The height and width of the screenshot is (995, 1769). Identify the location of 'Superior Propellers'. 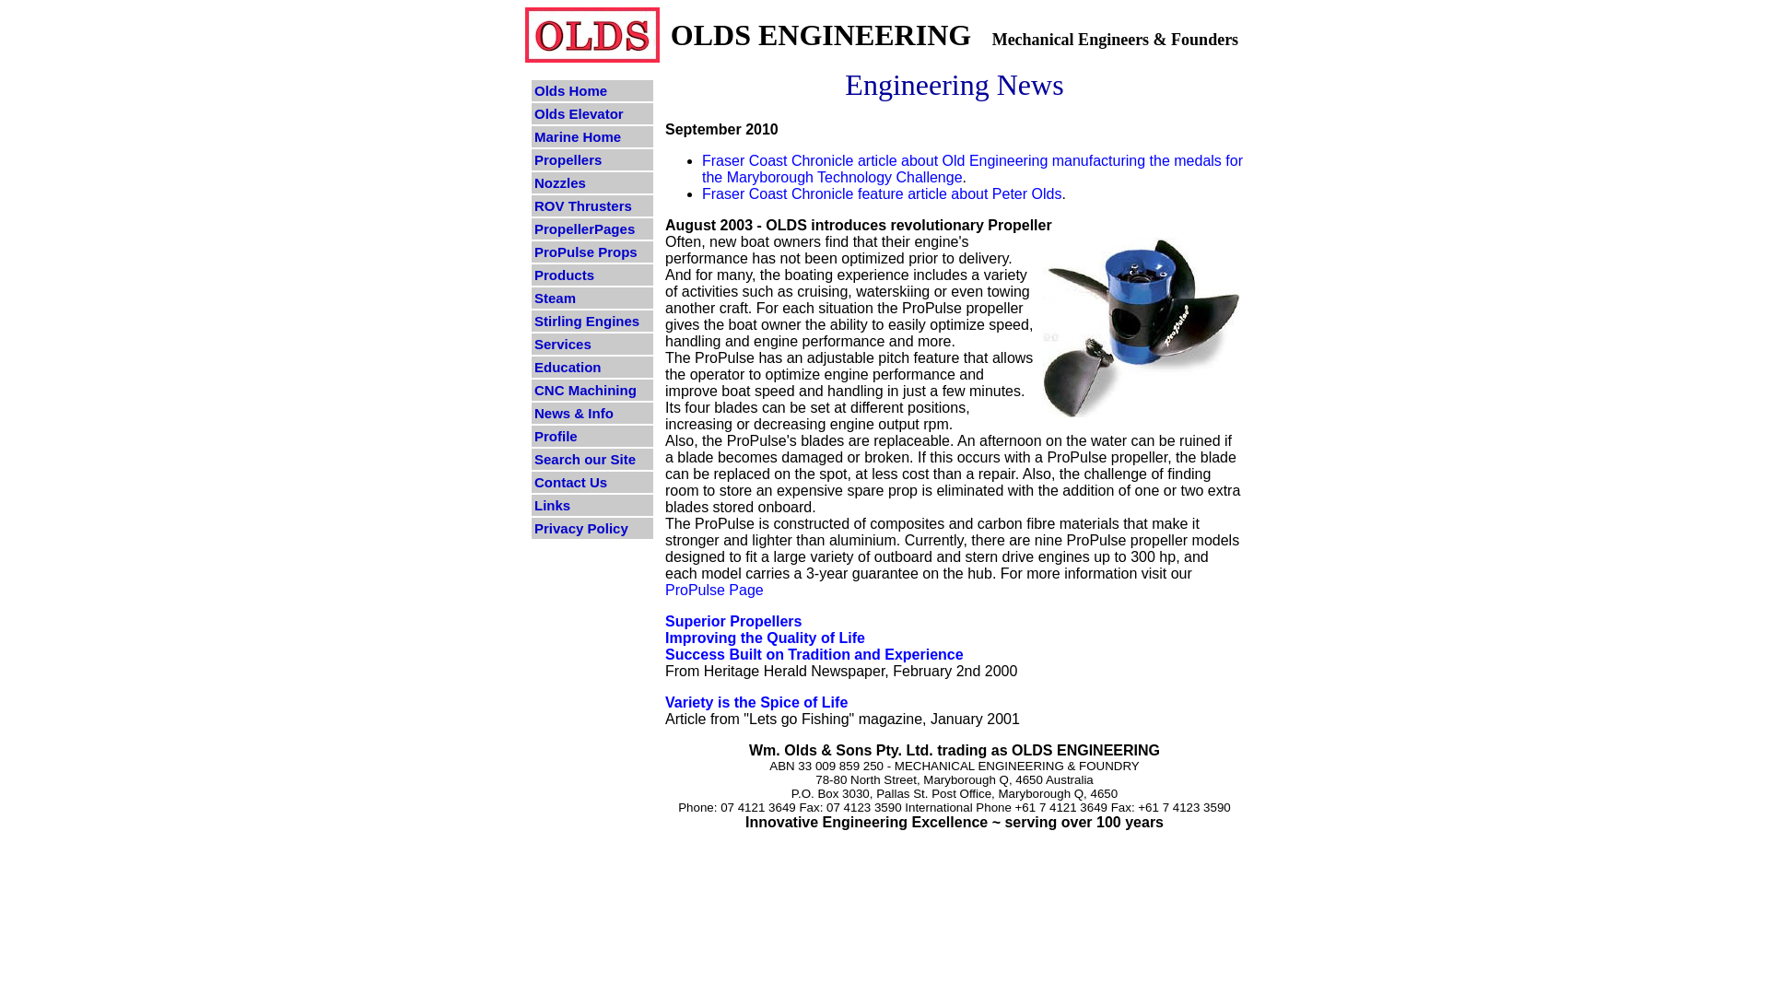
(732, 621).